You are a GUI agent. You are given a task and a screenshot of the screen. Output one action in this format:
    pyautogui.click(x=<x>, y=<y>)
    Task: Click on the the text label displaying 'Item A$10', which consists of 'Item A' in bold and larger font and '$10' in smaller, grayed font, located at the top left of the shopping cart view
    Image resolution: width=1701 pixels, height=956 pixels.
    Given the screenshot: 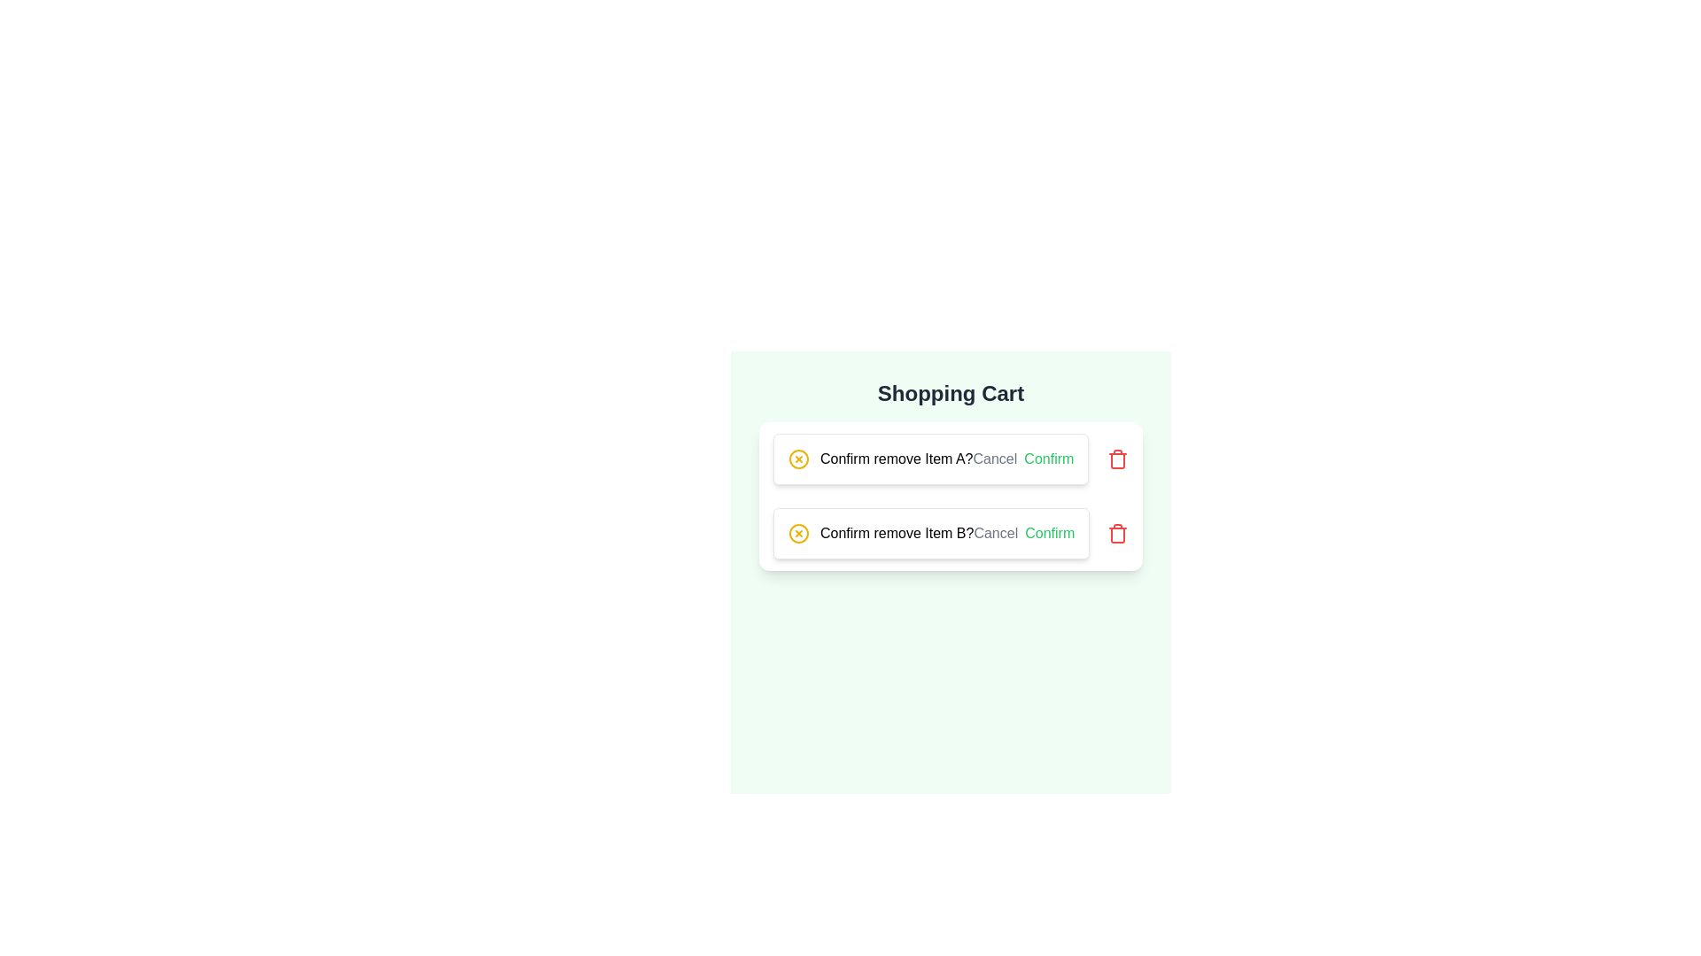 What is the action you would take?
    pyautogui.click(x=796, y=459)
    